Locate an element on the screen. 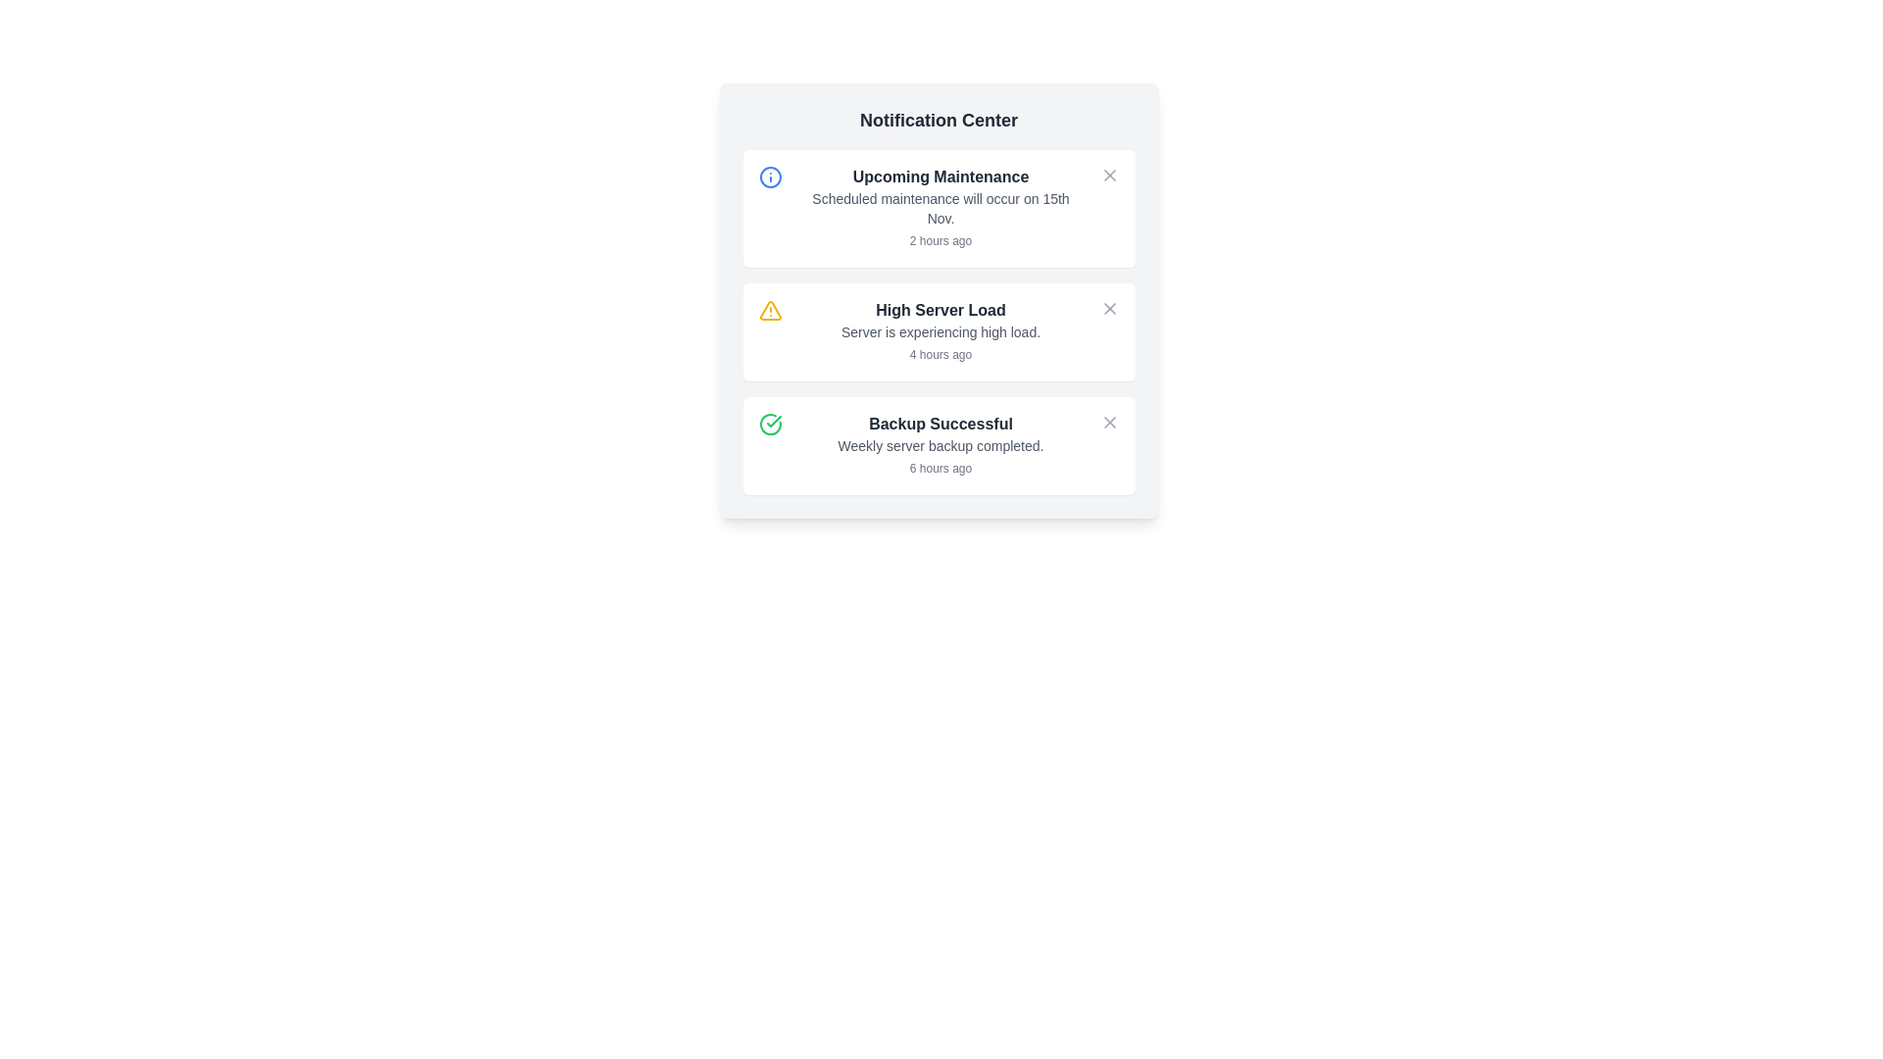 Image resolution: width=1883 pixels, height=1059 pixels. the close/dismiss button represented by the 'X' icon is located at coordinates (1109, 309).